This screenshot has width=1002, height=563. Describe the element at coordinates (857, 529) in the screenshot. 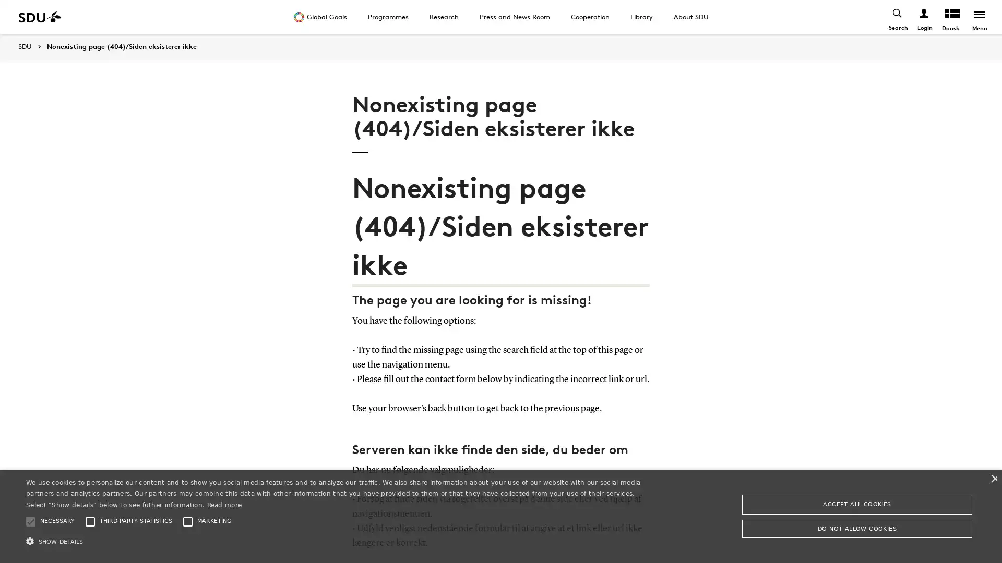

I see `DO NOT ALLOW COOKIES` at that location.